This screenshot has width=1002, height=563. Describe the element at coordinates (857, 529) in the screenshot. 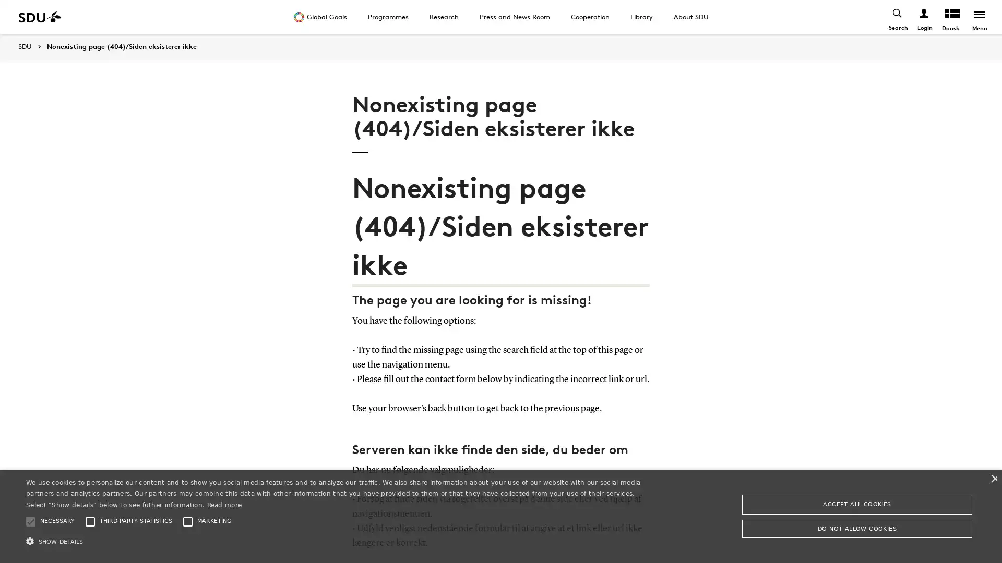

I see `DO NOT ALLOW COOKIES` at that location.